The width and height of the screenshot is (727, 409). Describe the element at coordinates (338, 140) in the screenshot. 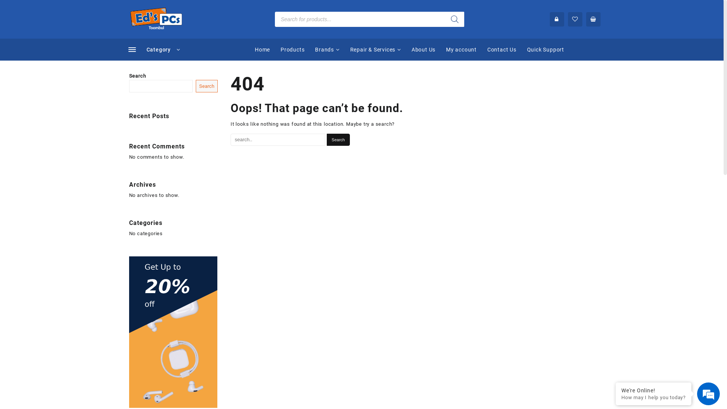

I see `'Search'` at that location.